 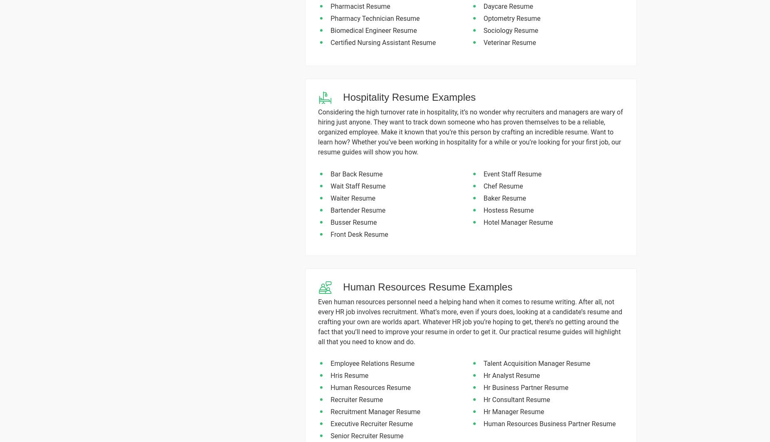 I want to click on 'Executive Recruiter Resume', so click(x=371, y=423).